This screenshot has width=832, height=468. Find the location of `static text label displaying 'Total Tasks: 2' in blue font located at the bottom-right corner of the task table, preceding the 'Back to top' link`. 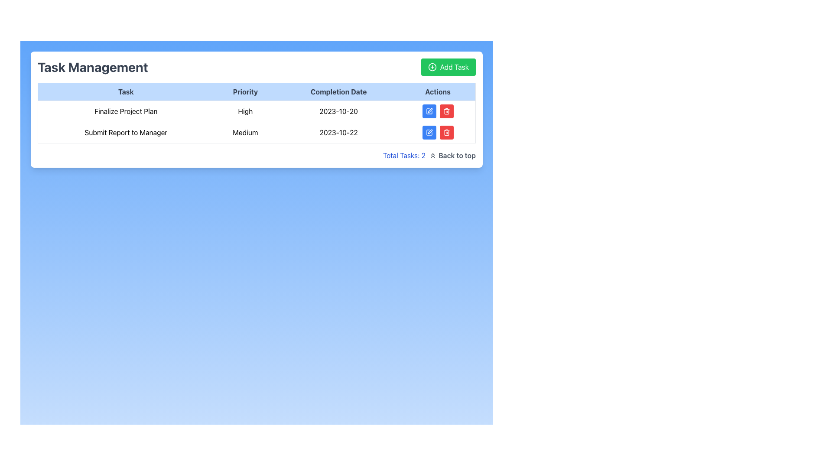

static text label displaying 'Total Tasks: 2' in blue font located at the bottom-right corner of the task table, preceding the 'Back to top' link is located at coordinates (403, 155).